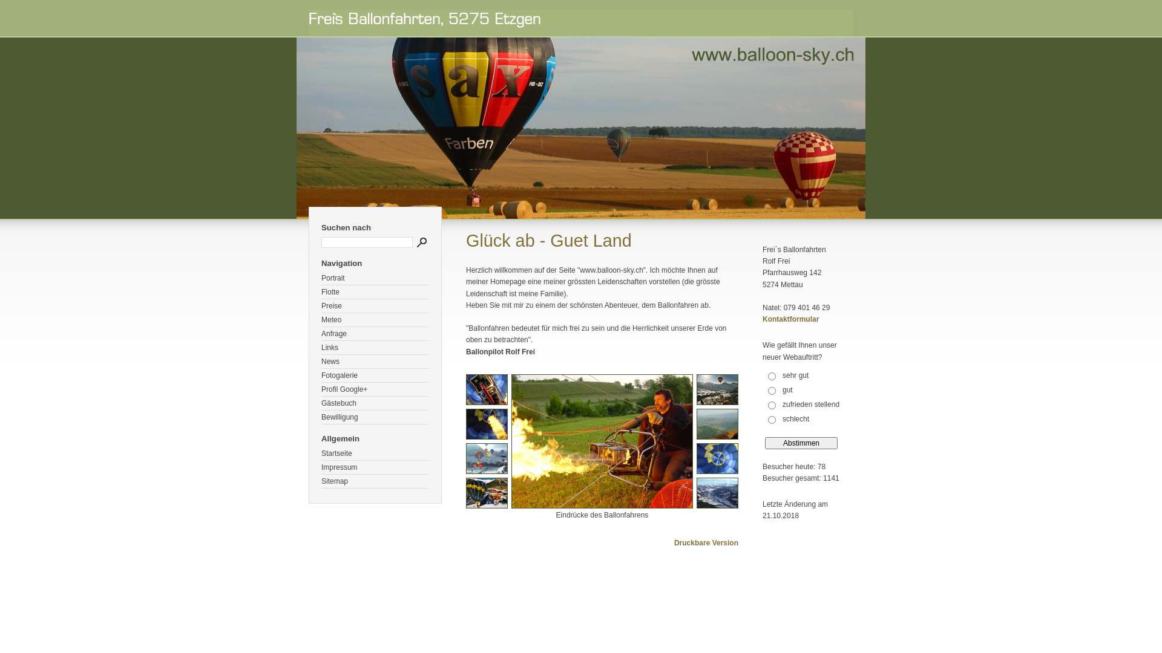 This screenshot has width=1162, height=653. Describe the element at coordinates (374, 334) in the screenshot. I see `'Anfrage'` at that location.